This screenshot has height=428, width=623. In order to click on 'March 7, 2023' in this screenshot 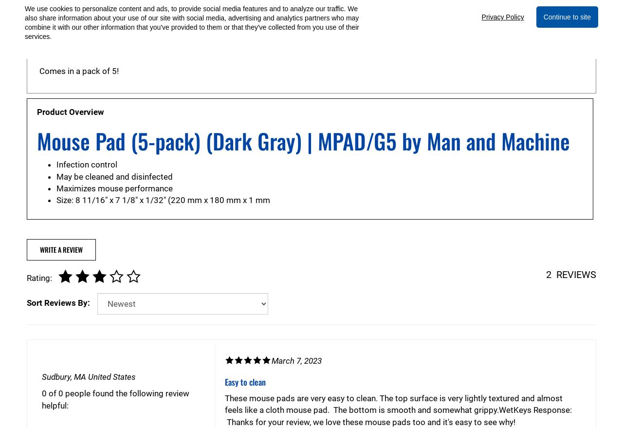, I will do `click(295, 360)`.